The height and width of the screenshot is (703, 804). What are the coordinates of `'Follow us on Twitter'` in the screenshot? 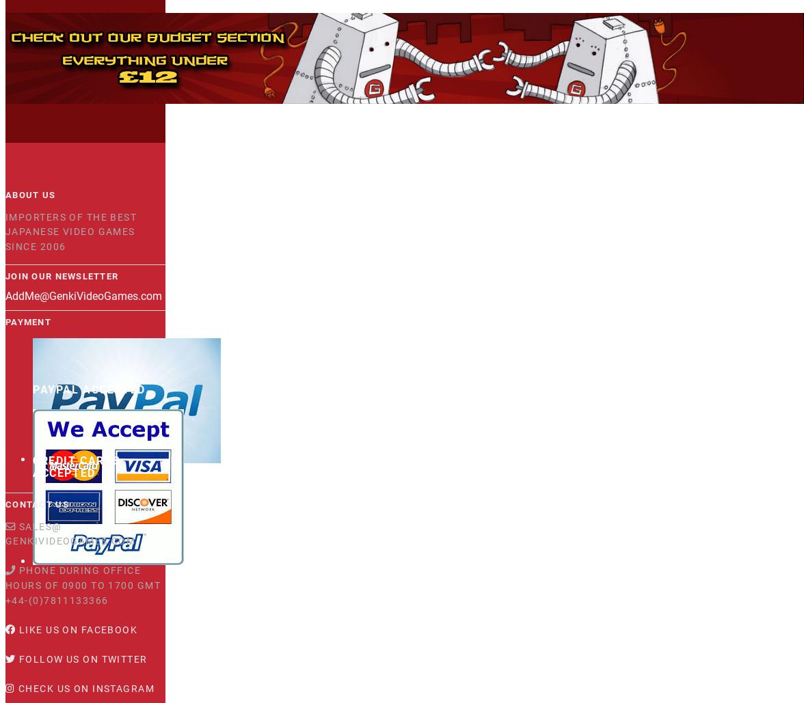 It's located at (81, 659).